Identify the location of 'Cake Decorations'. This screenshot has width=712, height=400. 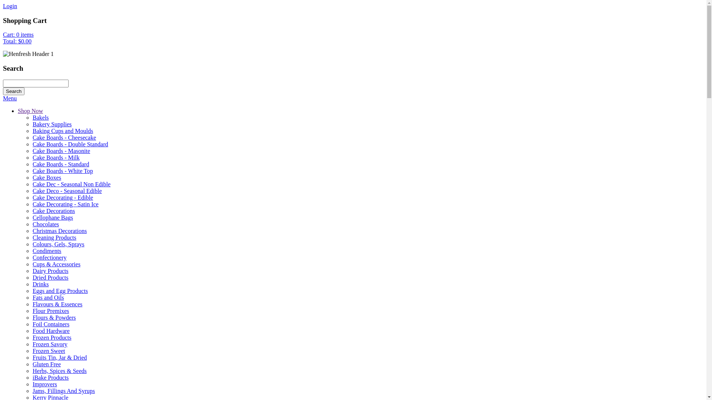
(53, 211).